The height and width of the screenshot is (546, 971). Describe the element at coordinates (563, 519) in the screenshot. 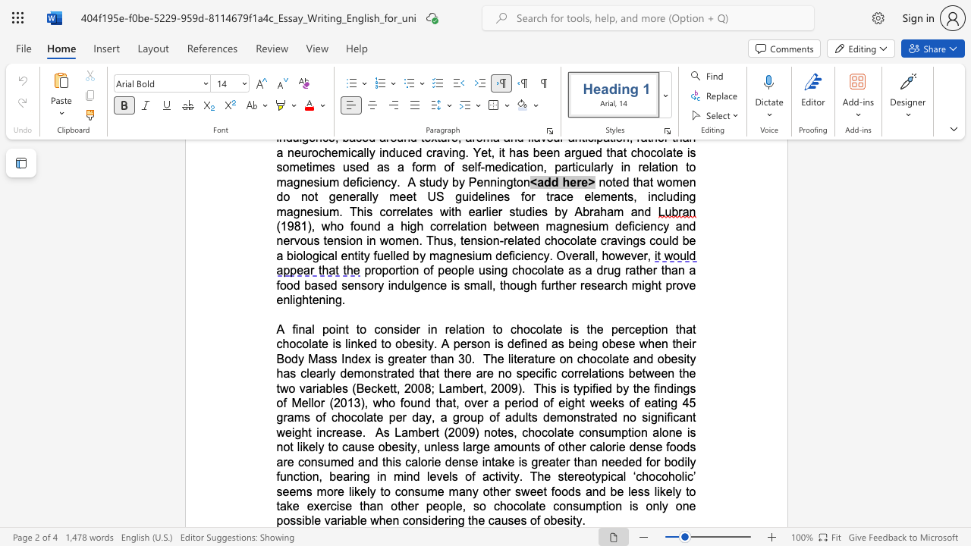

I see `the subset text "sity." within the text "e causes of obesity."` at that location.